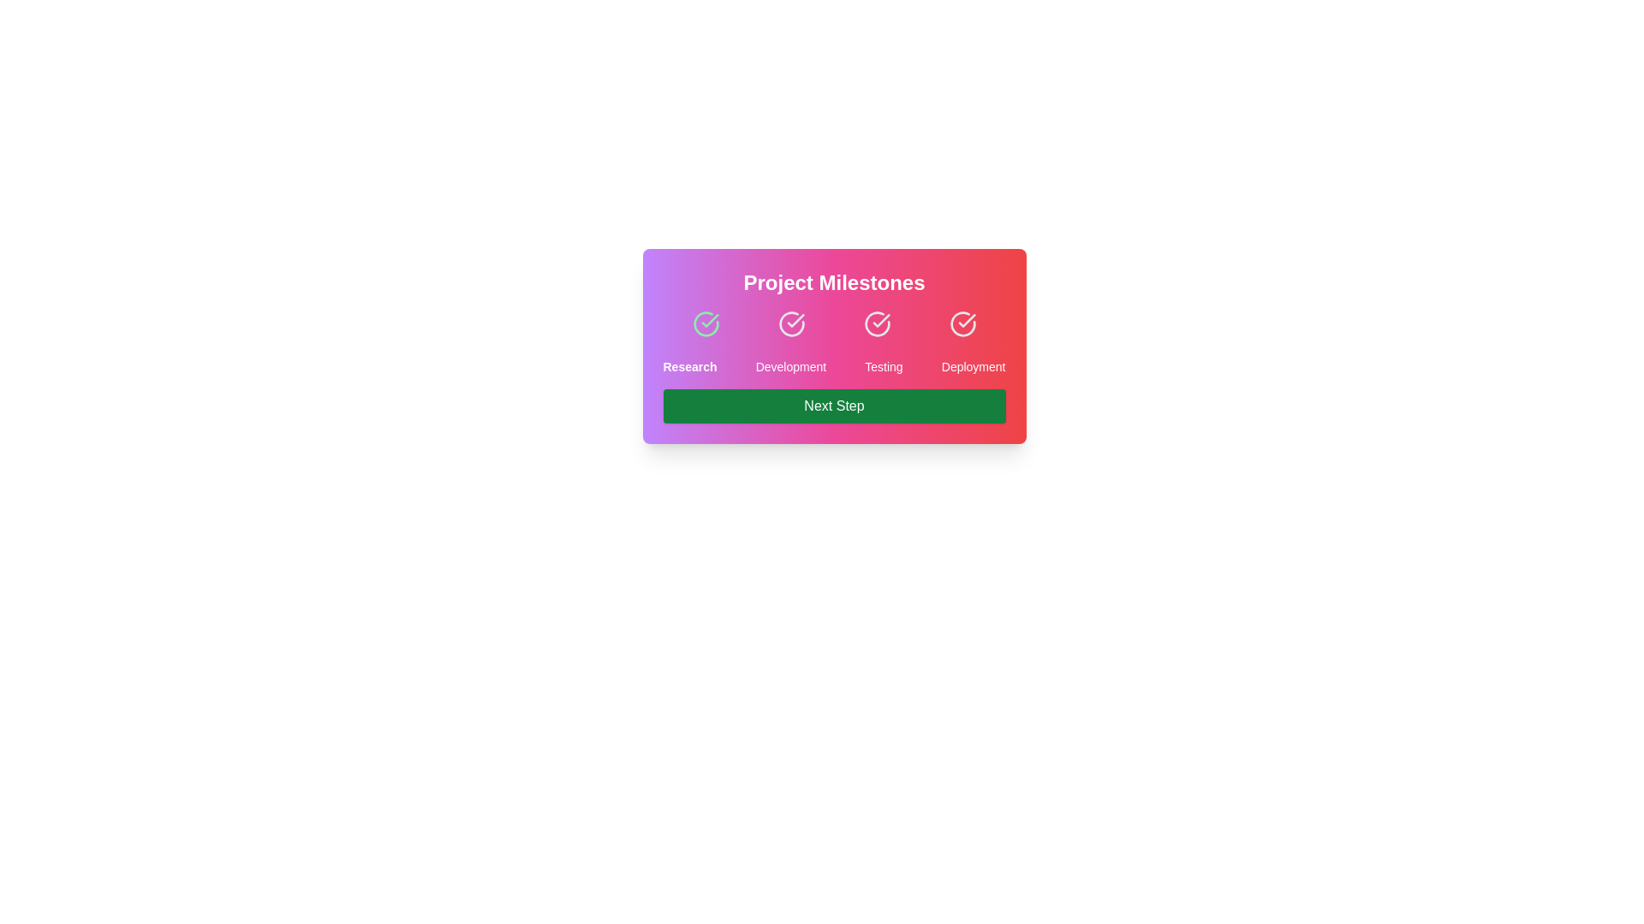  What do you see at coordinates (884, 365) in the screenshot?
I see `the static text label that represents the 'Testing' phase, located as the third label in a sequence of four labels within a rectangular panel` at bounding box center [884, 365].